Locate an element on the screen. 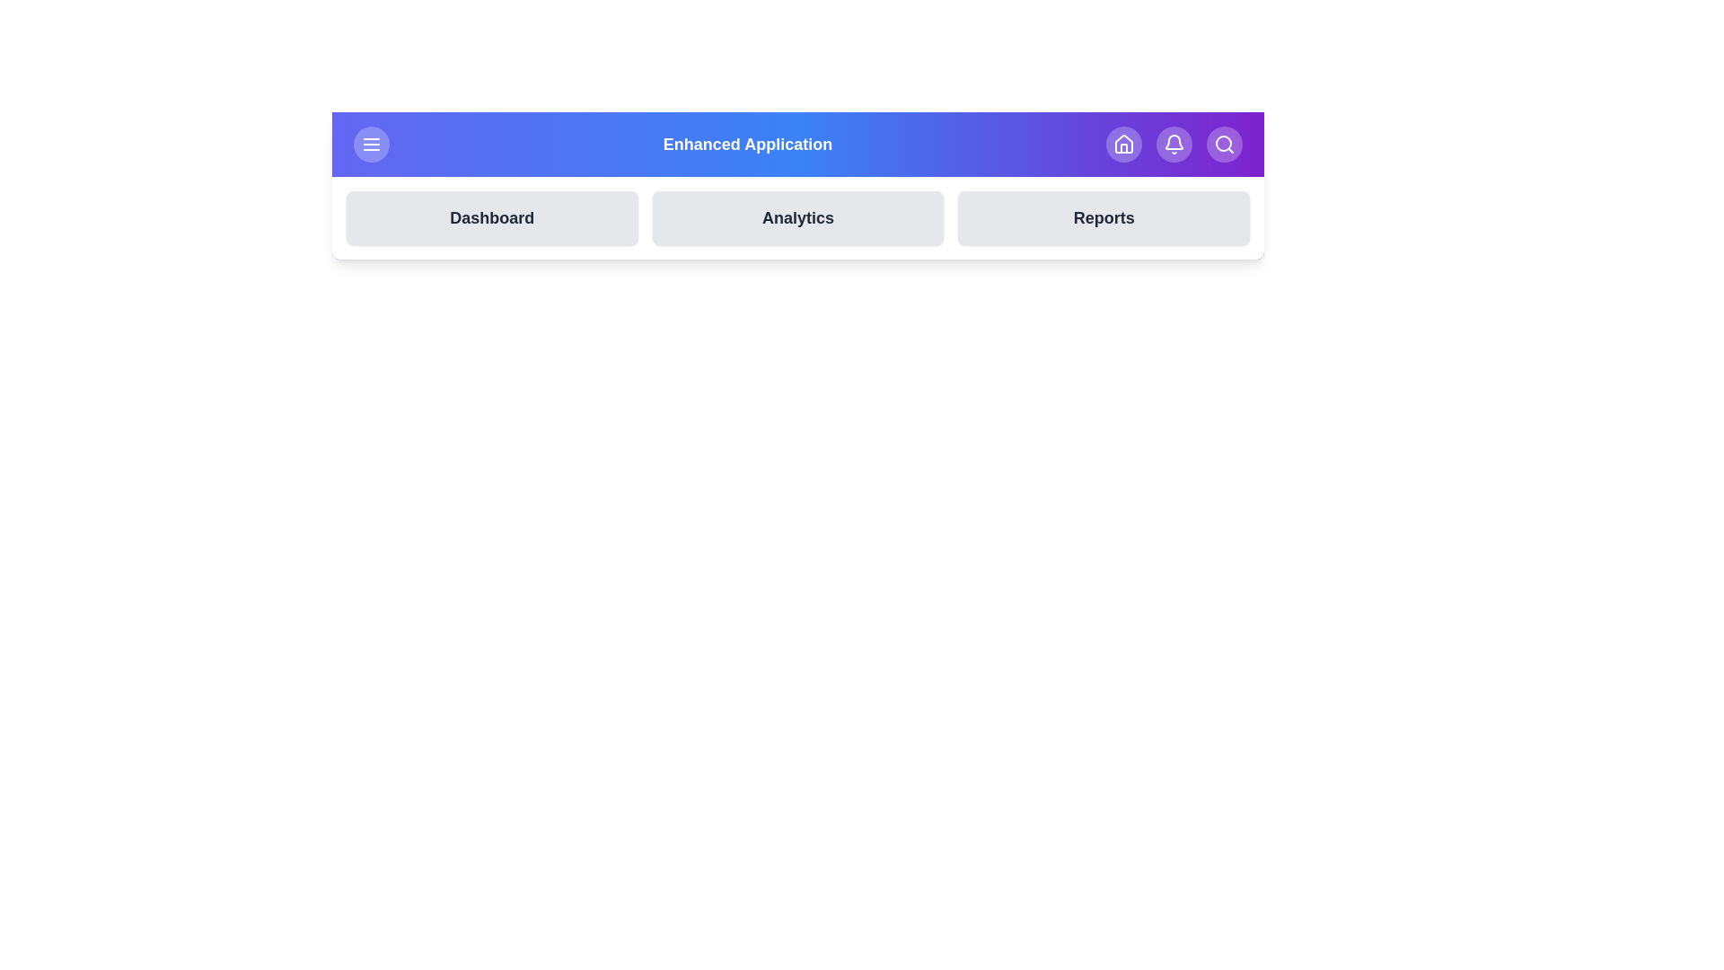 This screenshot has height=970, width=1724. the button labeled Analytics to observe the visual feedback is located at coordinates (796, 217).